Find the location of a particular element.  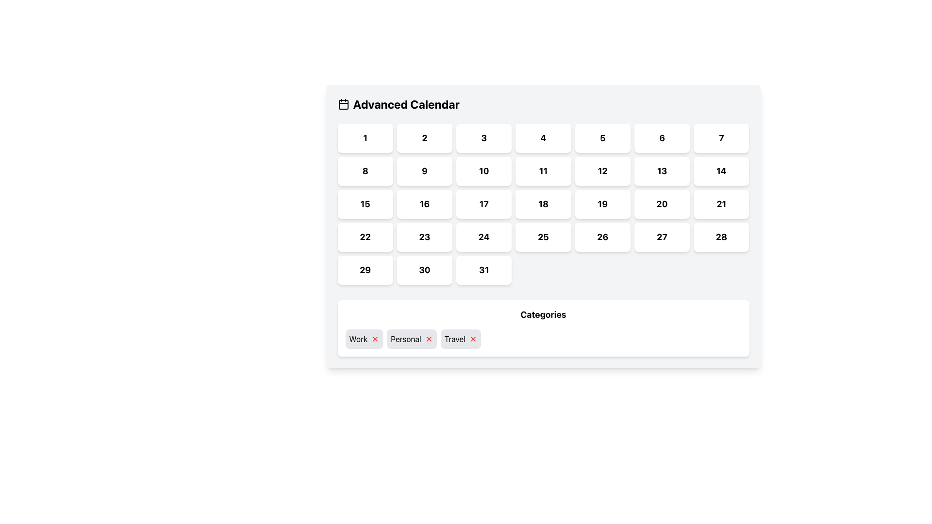

the button in the calendar interface is located at coordinates (721, 203).